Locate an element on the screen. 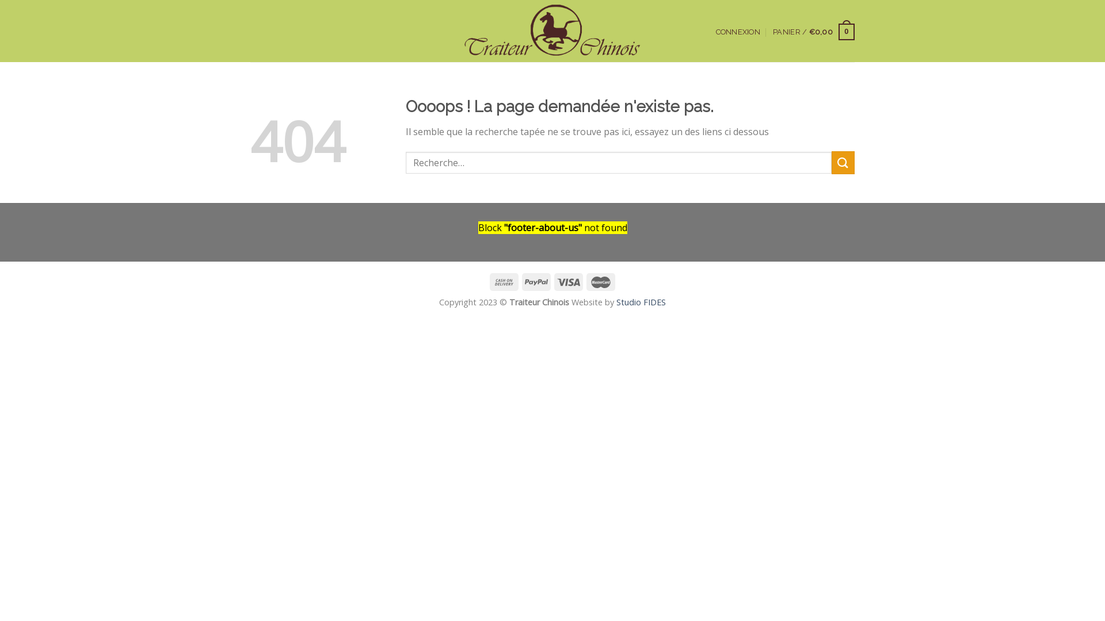 The image size is (1105, 621). 'Studio FIDES' is located at coordinates (640, 301).